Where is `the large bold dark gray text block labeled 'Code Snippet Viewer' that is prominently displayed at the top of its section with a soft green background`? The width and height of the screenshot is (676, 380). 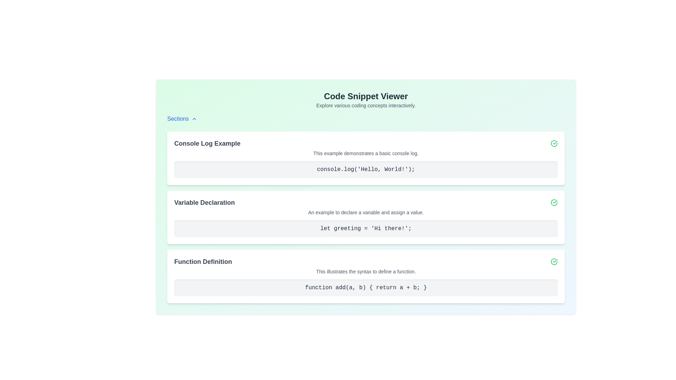
the large bold dark gray text block labeled 'Code Snippet Viewer' that is prominently displayed at the top of its section with a soft green background is located at coordinates (366, 96).